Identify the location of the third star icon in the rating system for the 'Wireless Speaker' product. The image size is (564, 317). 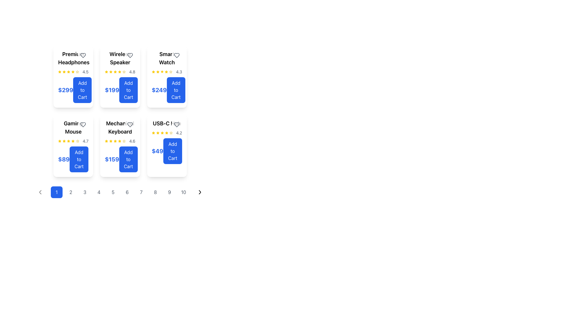
(106, 71).